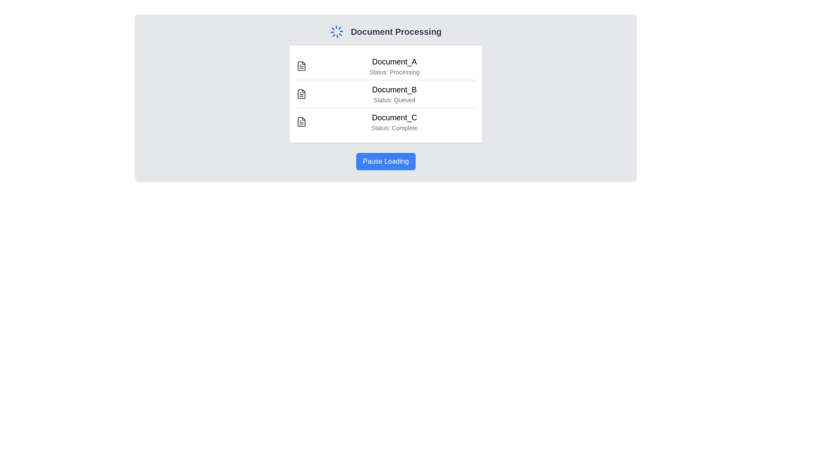 This screenshot has height=464, width=826. What do you see at coordinates (301, 122) in the screenshot?
I see `the document icon that represents 'Document_C' in the third row of the vertical list, which indicates a status of 'Complete'` at bounding box center [301, 122].